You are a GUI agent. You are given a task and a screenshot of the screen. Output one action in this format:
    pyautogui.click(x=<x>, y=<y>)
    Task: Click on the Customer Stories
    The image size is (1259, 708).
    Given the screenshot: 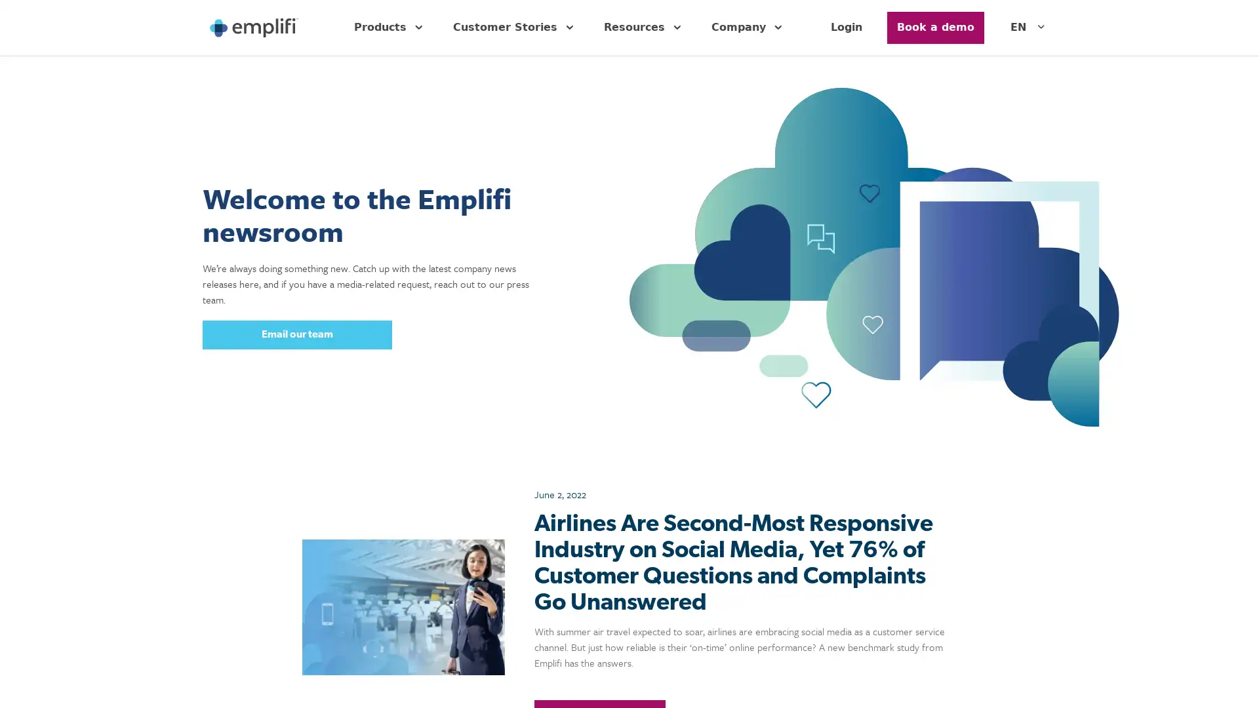 What is the action you would take?
    pyautogui.click(x=515, y=28)
    